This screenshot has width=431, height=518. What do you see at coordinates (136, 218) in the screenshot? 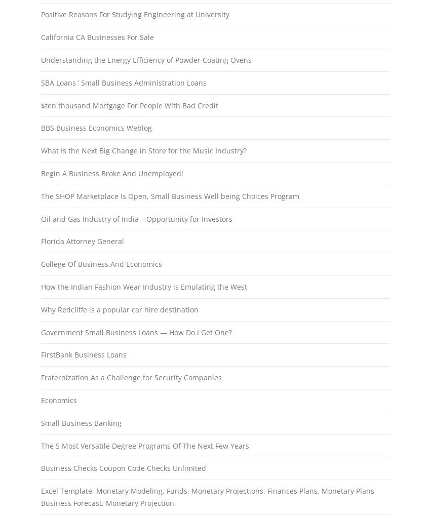
I see `'Oil and Gas Industry of India – Opportunity for Investors'` at bounding box center [136, 218].